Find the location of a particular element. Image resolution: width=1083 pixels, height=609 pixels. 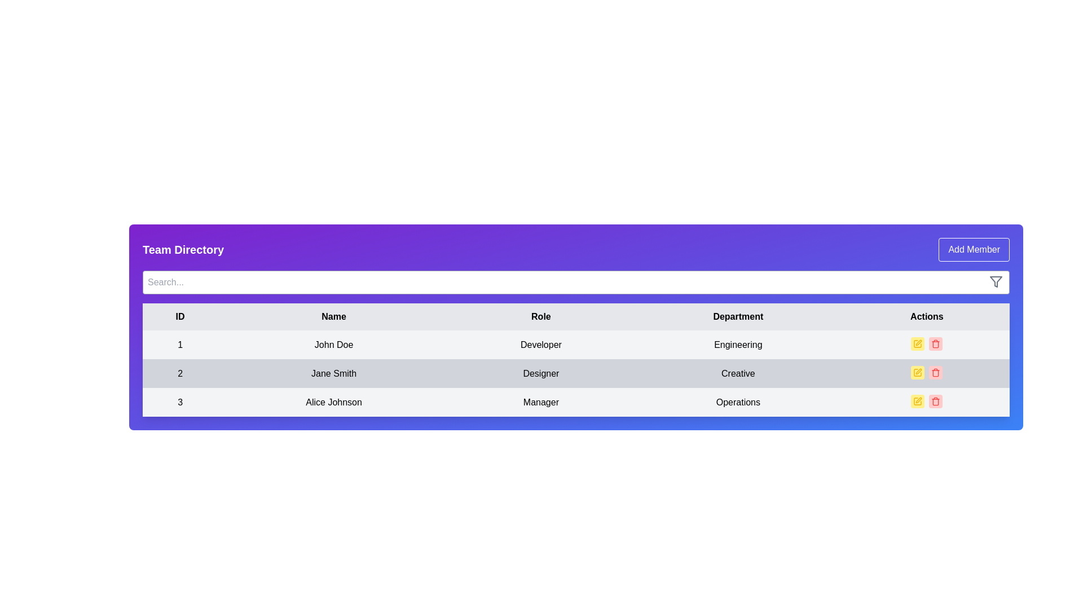

the middle part of the trash bin icon, which is outlined in a red tint and located in the 'Actions' column of the third row in the table is located at coordinates (936, 344).